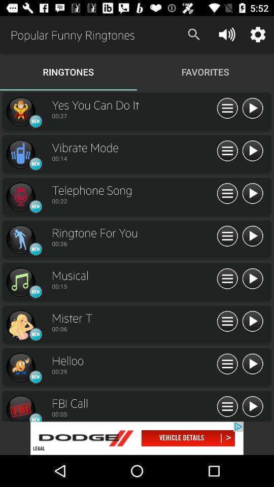 The height and width of the screenshot is (487, 274). What do you see at coordinates (252, 109) in the screenshot?
I see `stop button` at bounding box center [252, 109].